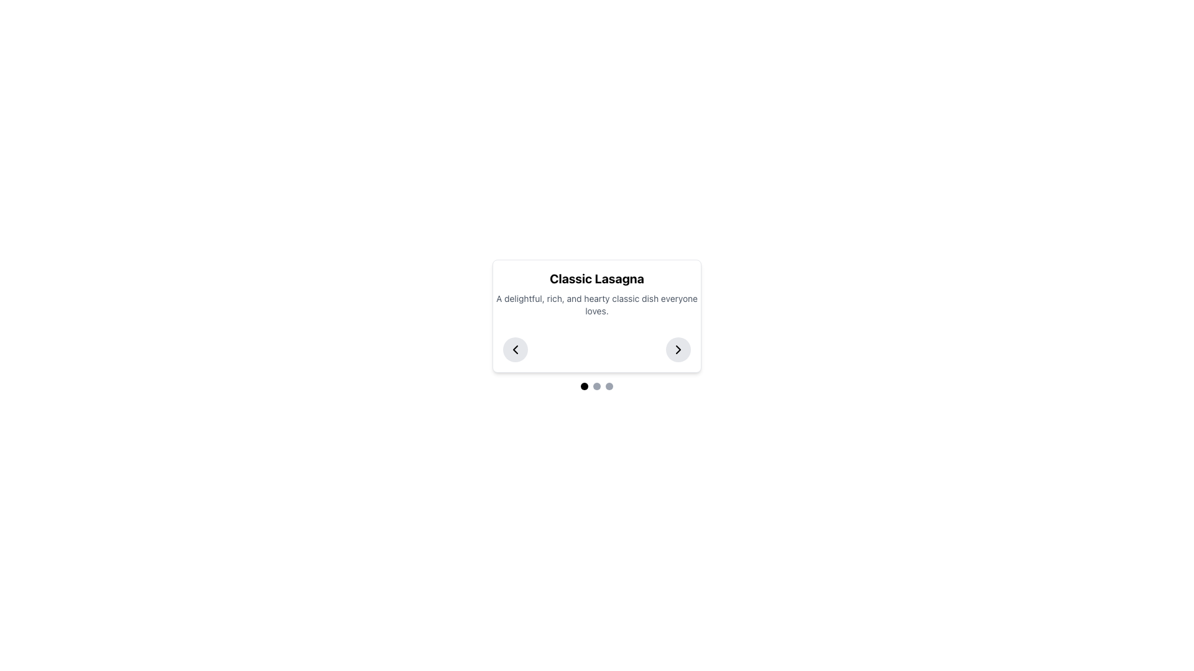  What do you see at coordinates (677, 350) in the screenshot?
I see `the right-facing chevron arrow icon located at the bottom-right of the card` at bounding box center [677, 350].